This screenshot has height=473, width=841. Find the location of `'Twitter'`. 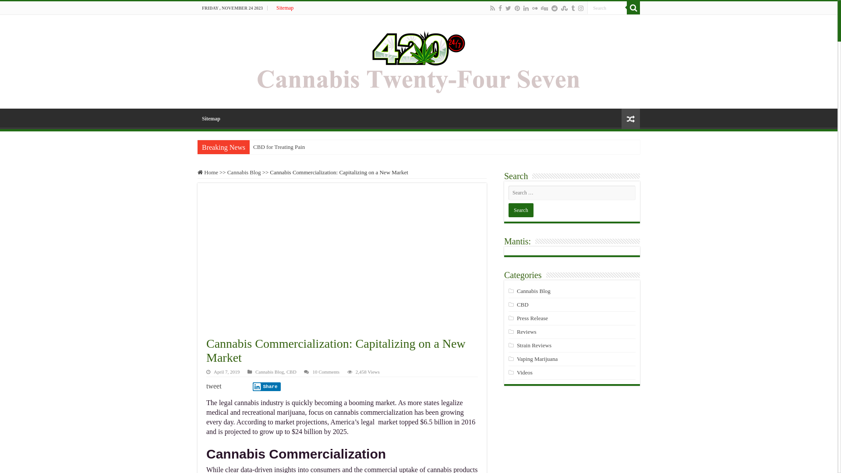

'Twitter' is located at coordinates (505, 8).